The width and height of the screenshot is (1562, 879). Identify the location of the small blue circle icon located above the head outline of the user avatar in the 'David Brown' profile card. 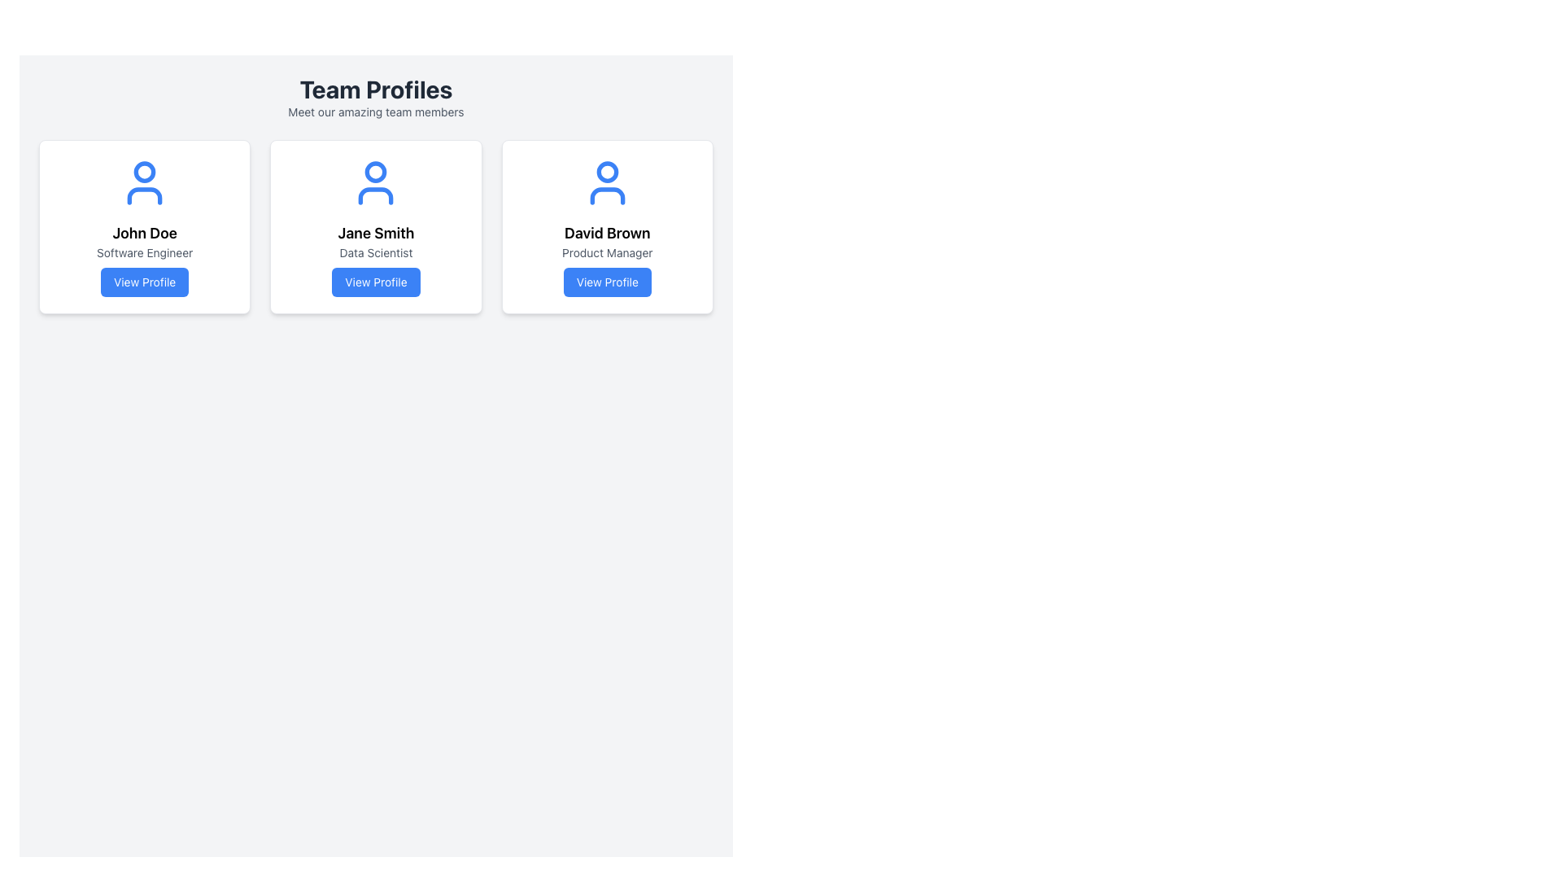
(606, 172).